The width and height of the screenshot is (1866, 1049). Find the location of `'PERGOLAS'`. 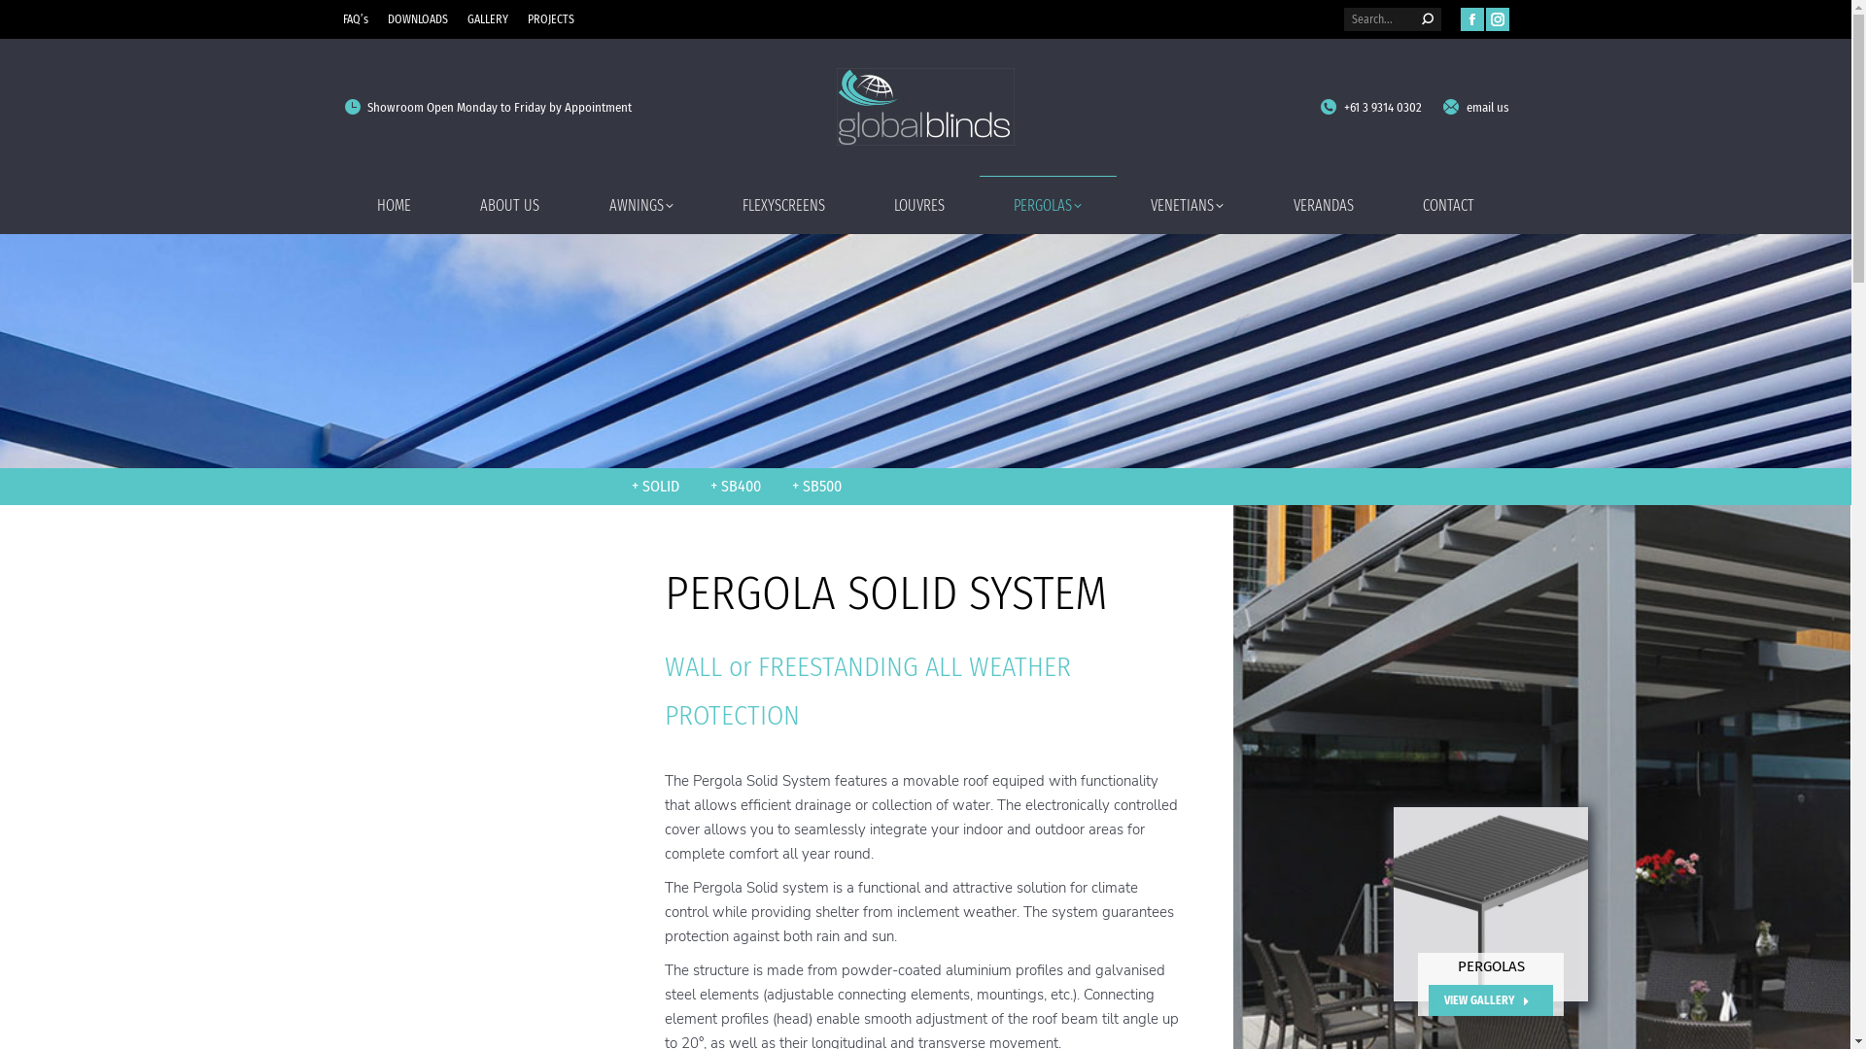

'PERGOLAS' is located at coordinates (1490, 966).